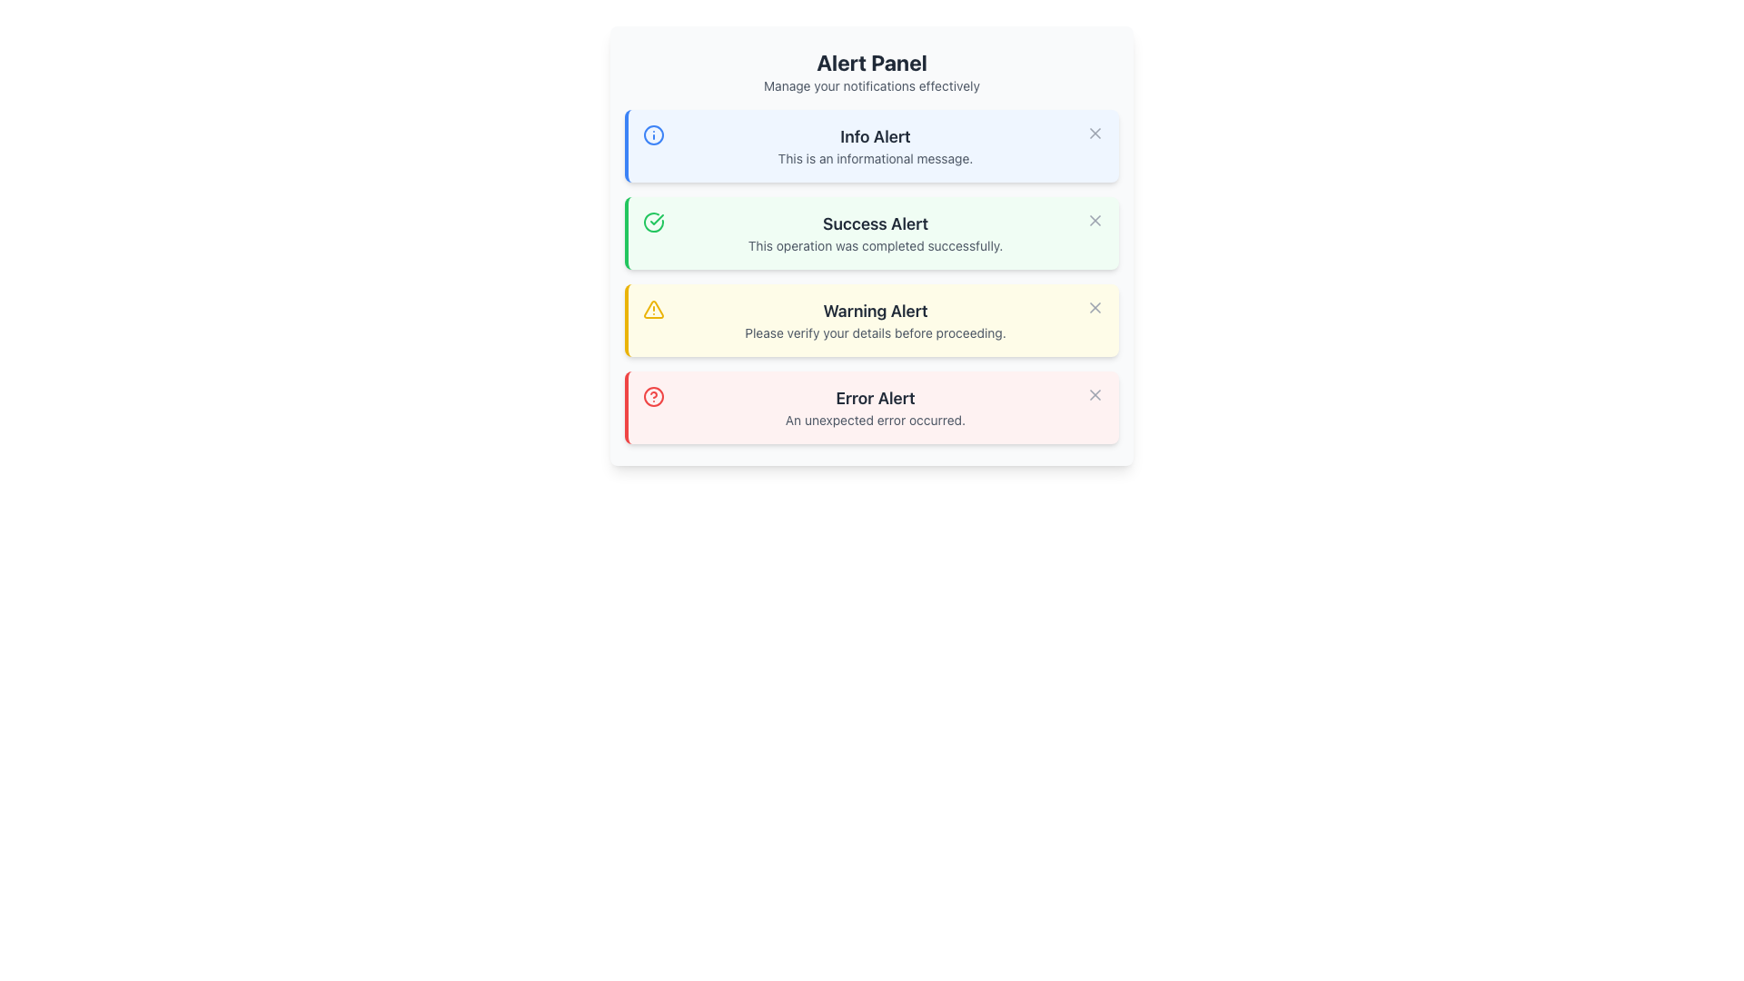 The width and height of the screenshot is (1744, 981). I want to click on the close icon represented by a stylized 'X' in the 'Warning Alert' section to change its color, so click(1094, 307).